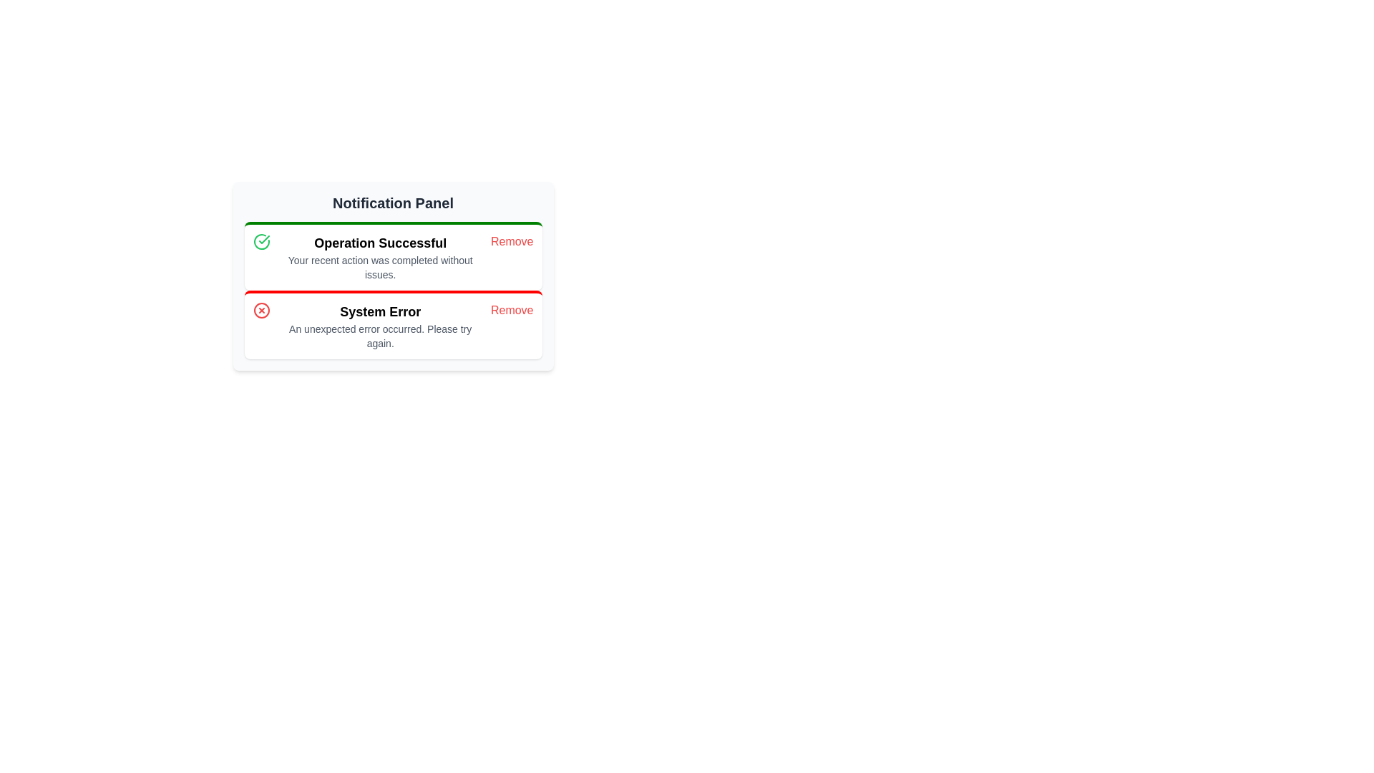 Image resolution: width=1374 pixels, height=773 pixels. Describe the element at coordinates (261, 241) in the screenshot. I see `the confirmation icon located to the left of the 'Operation Successful' notice in the upper half of the notification panel` at that location.